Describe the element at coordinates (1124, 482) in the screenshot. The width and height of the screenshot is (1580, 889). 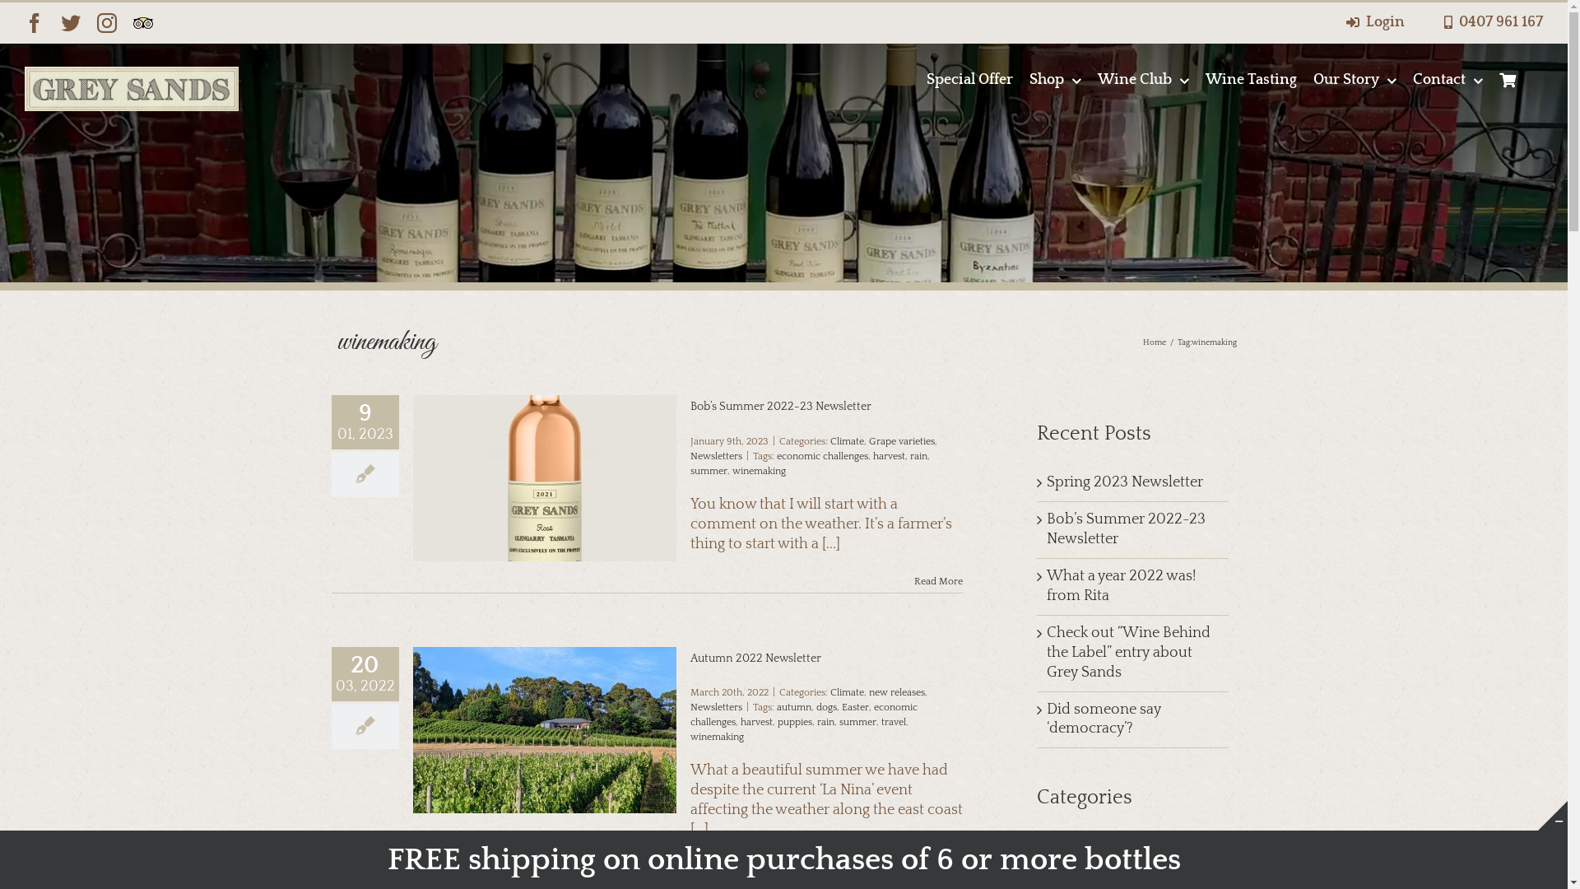
I see `'Spring 2023 Newsletter'` at that location.